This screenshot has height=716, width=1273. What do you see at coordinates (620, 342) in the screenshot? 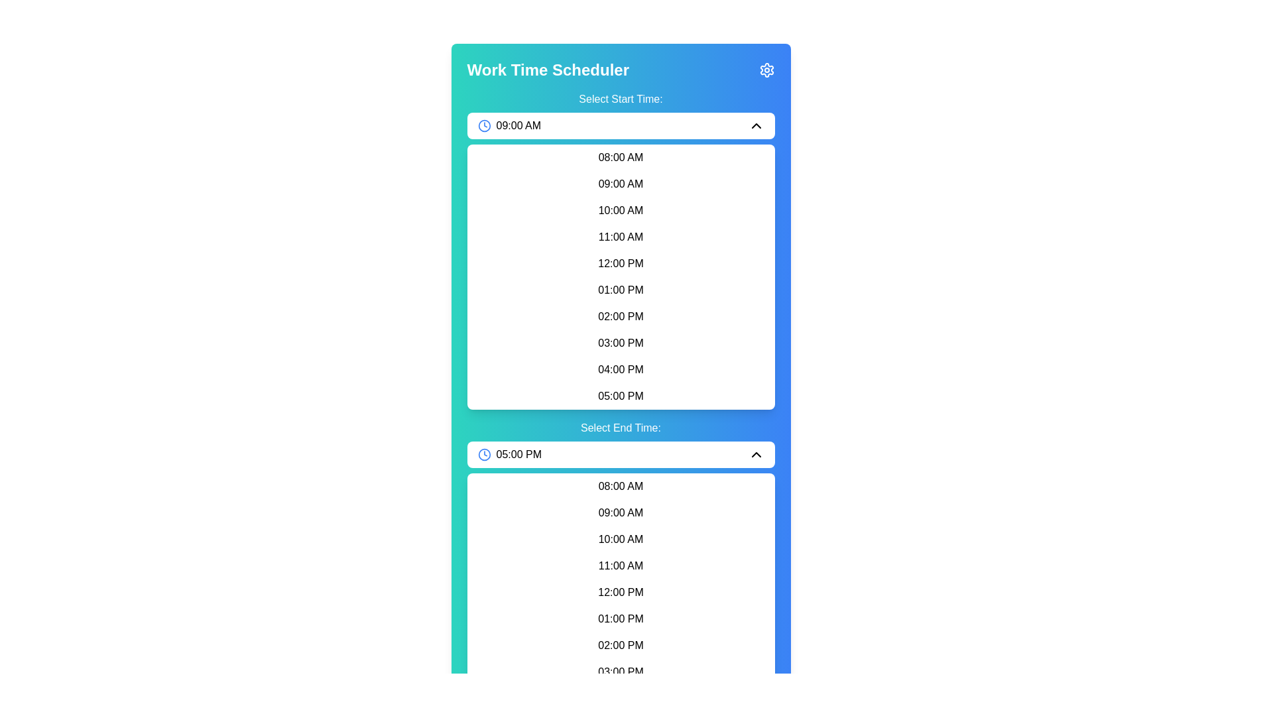
I see `the 8th selectable time option in the vertical list of times within the dropdown menu` at bounding box center [620, 342].